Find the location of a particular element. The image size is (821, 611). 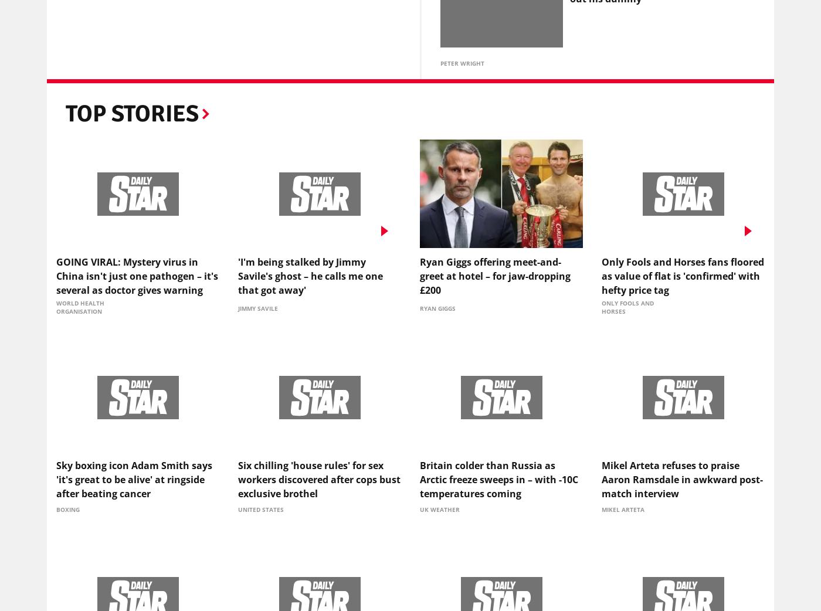

'Most Recent' is located at coordinates (147, 175).